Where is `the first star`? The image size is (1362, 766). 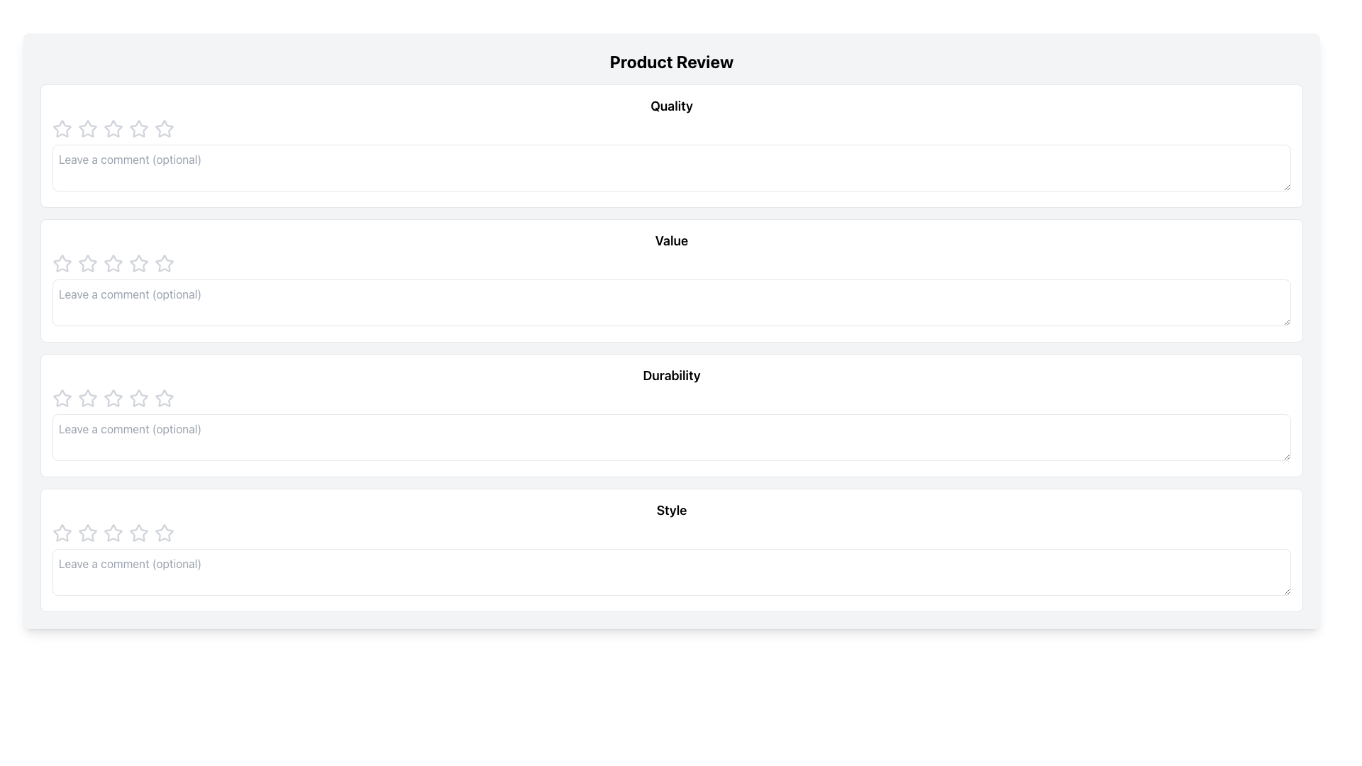
the first star is located at coordinates (61, 533).